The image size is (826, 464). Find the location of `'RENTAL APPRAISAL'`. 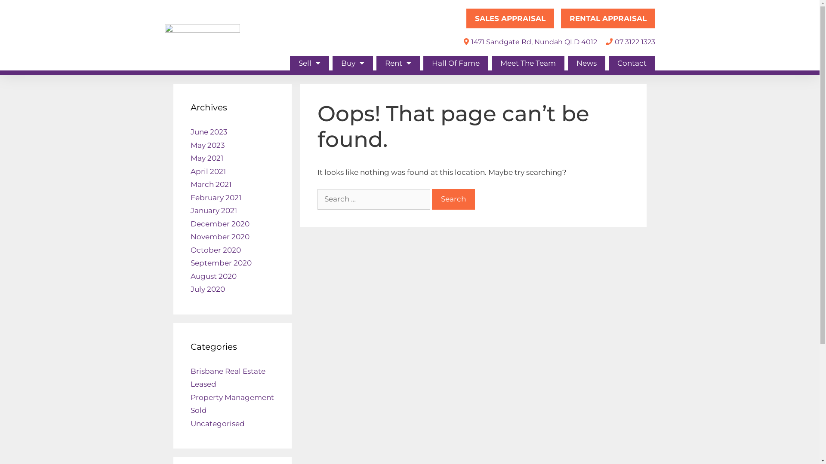

'RENTAL APPRAISAL' is located at coordinates (607, 18).